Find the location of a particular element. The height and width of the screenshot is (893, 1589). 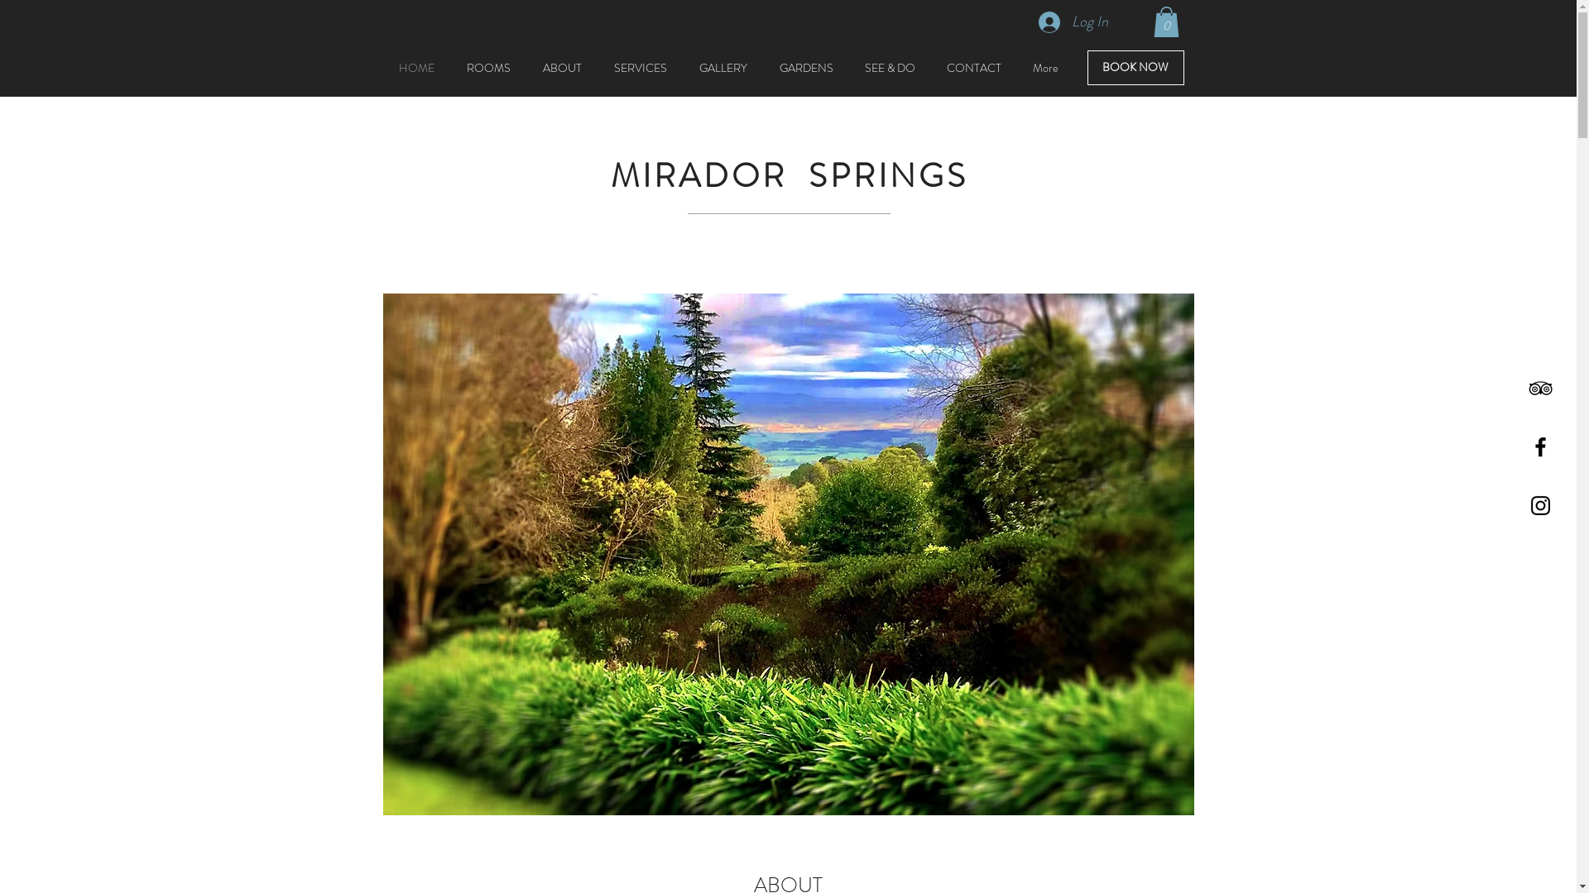

'CONTACT' is located at coordinates (973, 66).